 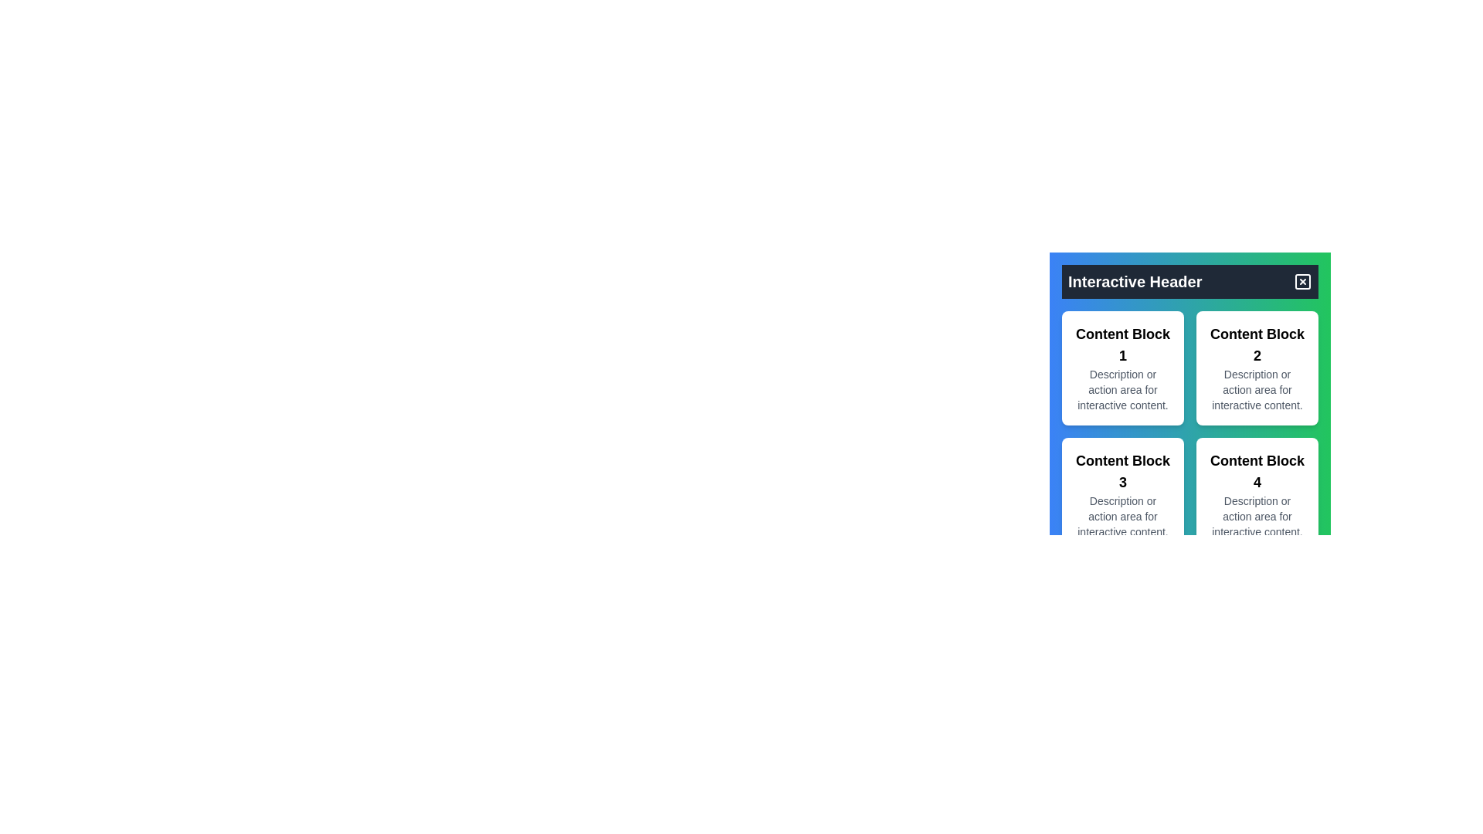 I want to click on the text component displaying the message 'Description or action area for interactive content.' which is located below the 'Content Block 2' title in the second card of the grid layout, so click(x=1257, y=389).